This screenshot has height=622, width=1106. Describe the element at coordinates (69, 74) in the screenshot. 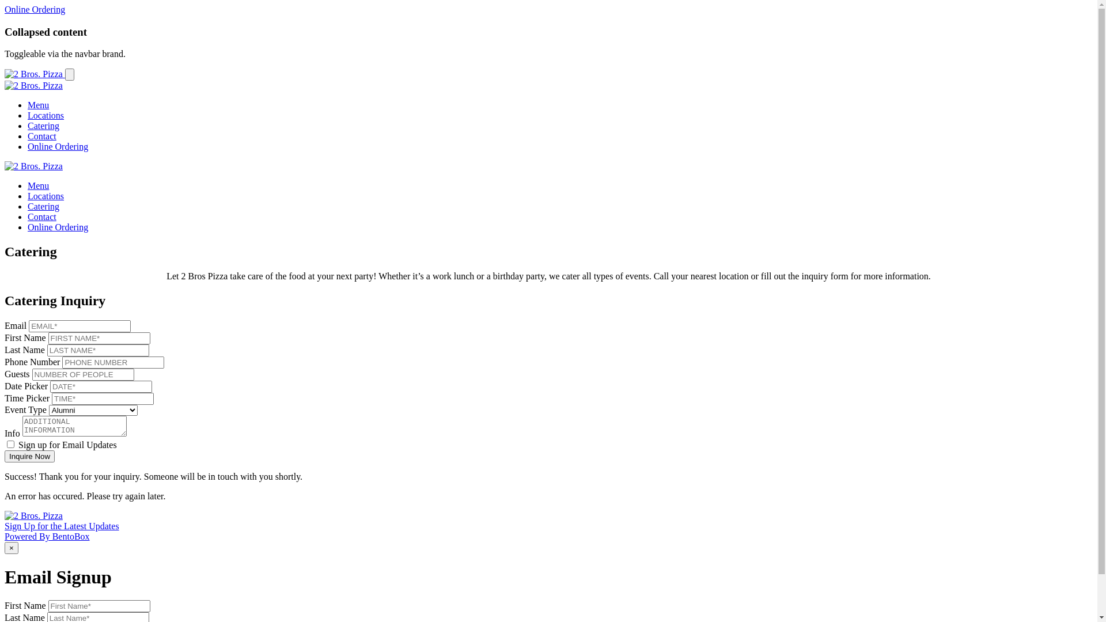

I see `'Navbar Toggle'` at that location.